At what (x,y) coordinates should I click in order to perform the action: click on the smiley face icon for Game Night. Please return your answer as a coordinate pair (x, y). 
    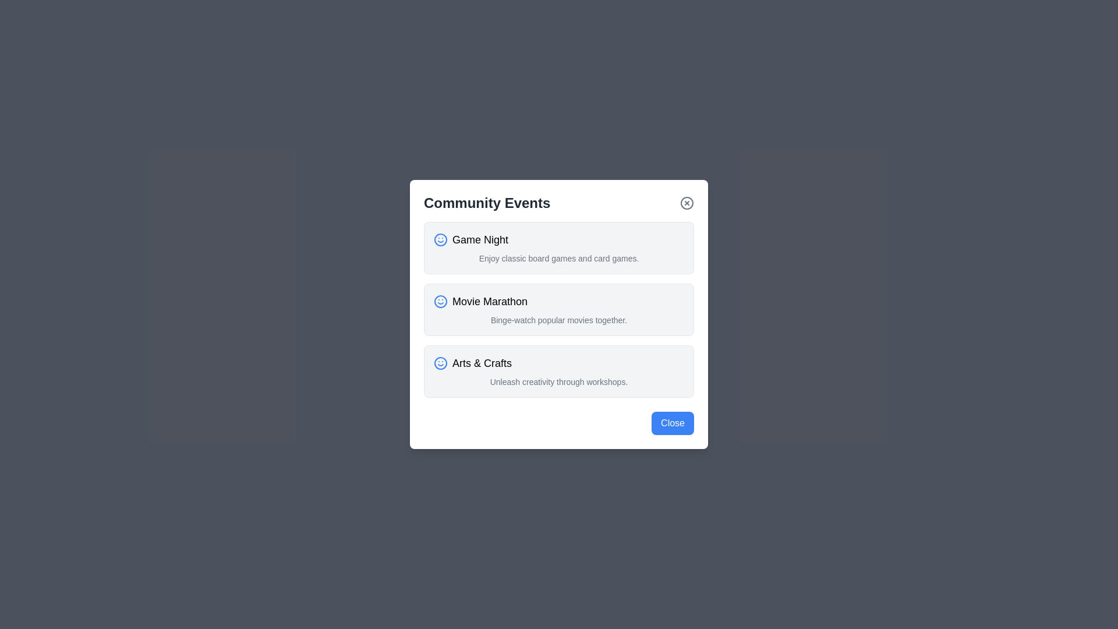
    Looking at the image, I should click on (440, 239).